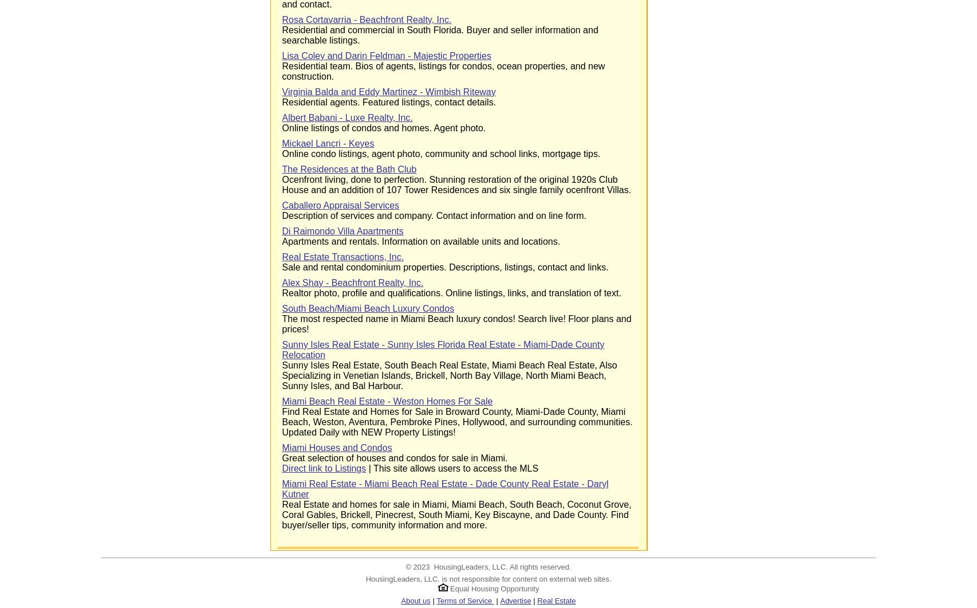 Image resolution: width=977 pixels, height=608 pixels. I want to click on 'Albert Babani - Luxe Realty, Inc.', so click(346, 117).